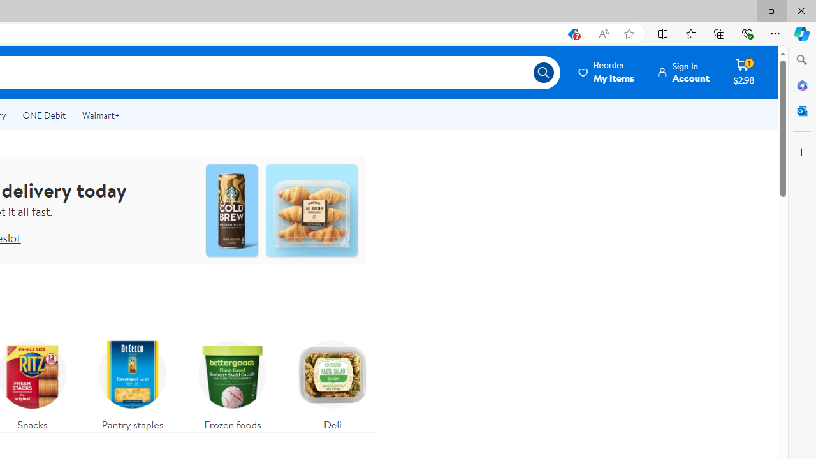 This screenshot has width=816, height=459. I want to click on 'Frozen foods', so click(232, 381).